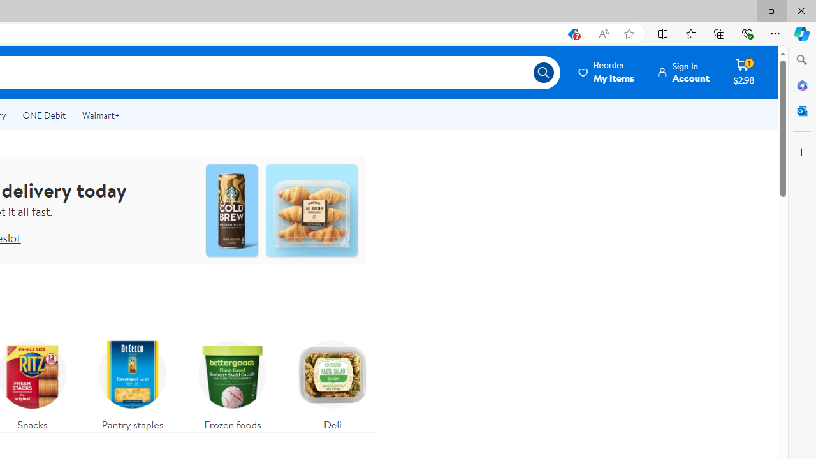 This screenshot has width=816, height=459. I want to click on 'Frozen foods', so click(232, 381).